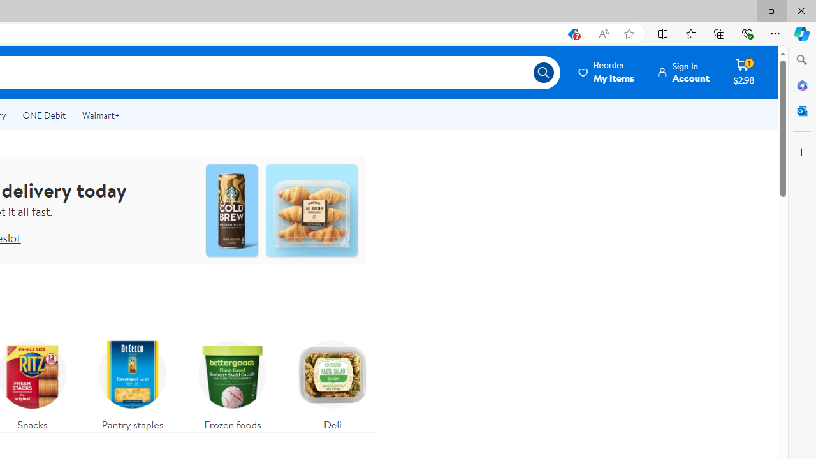 This screenshot has width=816, height=459. I want to click on 'Frozen foods', so click(232, 381).